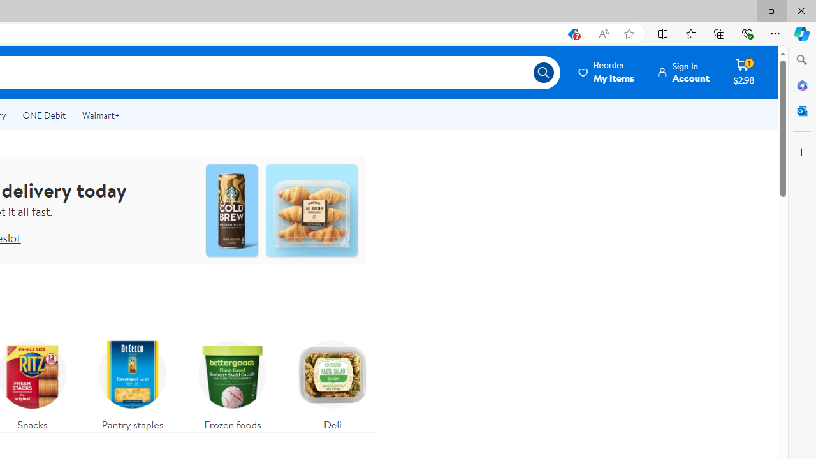 This screenshot has width=816, height=459. I want to click on 'Frozen foods', so click(232, 381).